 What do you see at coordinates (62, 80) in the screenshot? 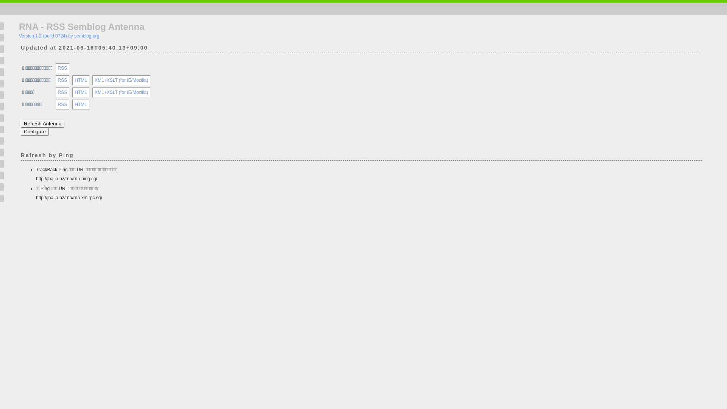
I see `'RSS'` at bounding box center [62, 80].